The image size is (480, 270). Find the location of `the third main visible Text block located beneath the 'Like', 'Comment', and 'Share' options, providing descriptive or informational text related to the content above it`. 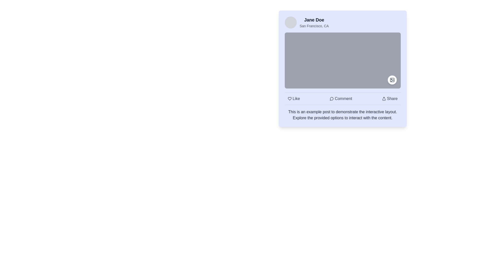

the third main visible Text block located beneath the 'Like', 'Comment', and 'Share' options, providing descriptive or informational text related to the content above it is located at coordinates (342, 115).